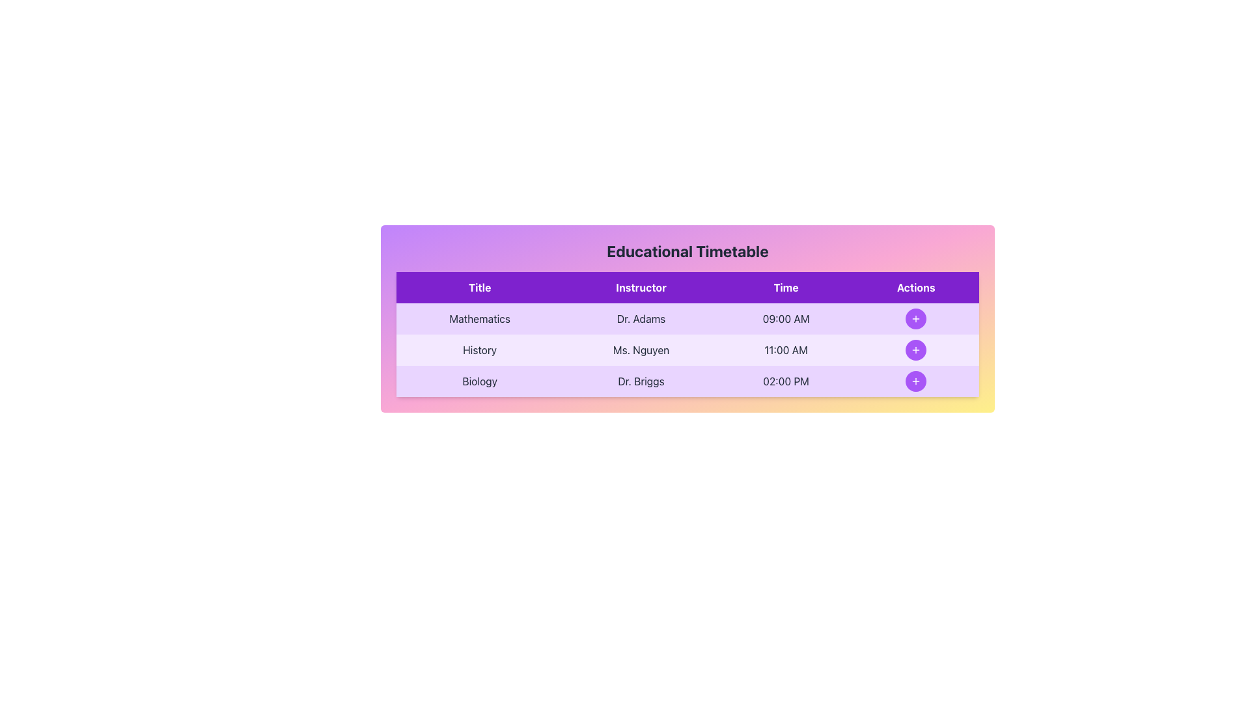 This screenshot has height=703, width=1250. Describe the element at coordinates (687, 349) in the screenshot. I see `the second row of the table that contains the subject 'History', instructor 'Ms. Nguyen', and time '11:00 AM'` at that location.